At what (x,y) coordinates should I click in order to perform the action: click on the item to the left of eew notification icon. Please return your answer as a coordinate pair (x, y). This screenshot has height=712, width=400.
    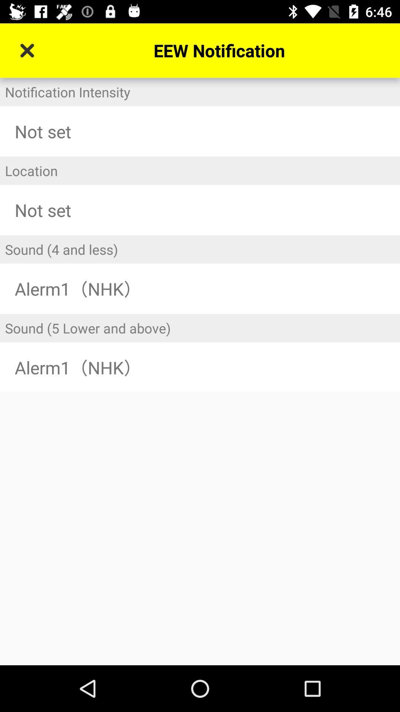
    Looking at the image, I should click on (27, 50).